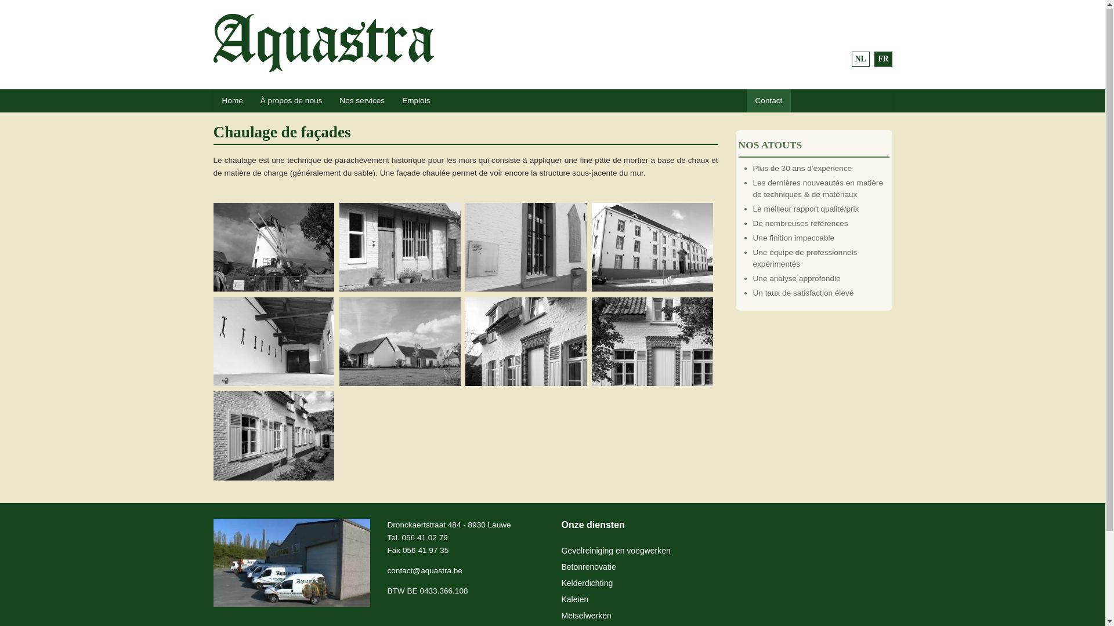  What do you see at coordinates (575, 599) in the screenshot?
I see `'Kaleien'` at bounding box center [575, 599].